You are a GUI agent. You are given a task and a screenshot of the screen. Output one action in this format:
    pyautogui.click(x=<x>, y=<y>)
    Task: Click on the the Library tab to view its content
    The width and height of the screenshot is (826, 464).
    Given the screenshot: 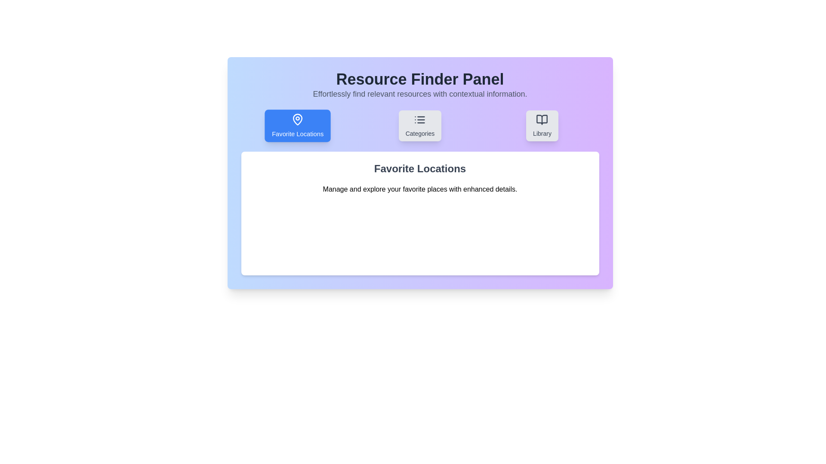 What is the action you would take?
    pyautogui.click(x=542, y=126)
    